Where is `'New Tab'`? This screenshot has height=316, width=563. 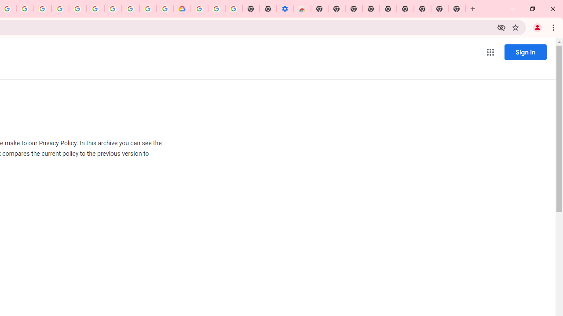
'New Tab' is located at coordinates (457, 9).